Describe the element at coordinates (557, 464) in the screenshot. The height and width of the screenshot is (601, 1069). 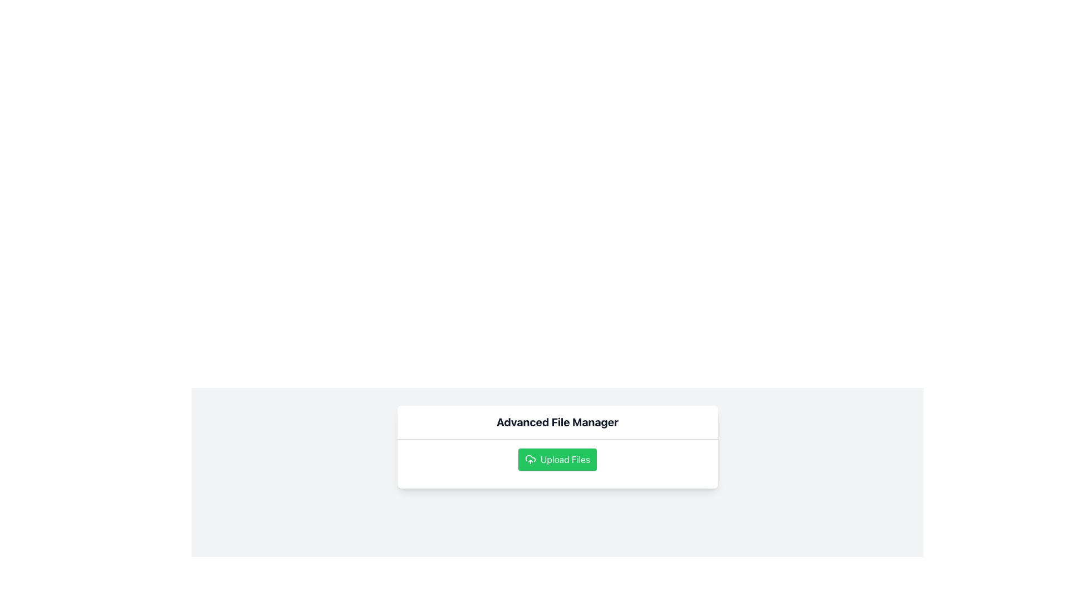
I see `the green 'Upload Files' button with a cloud upload icon to initiate the file upload process` at that location.